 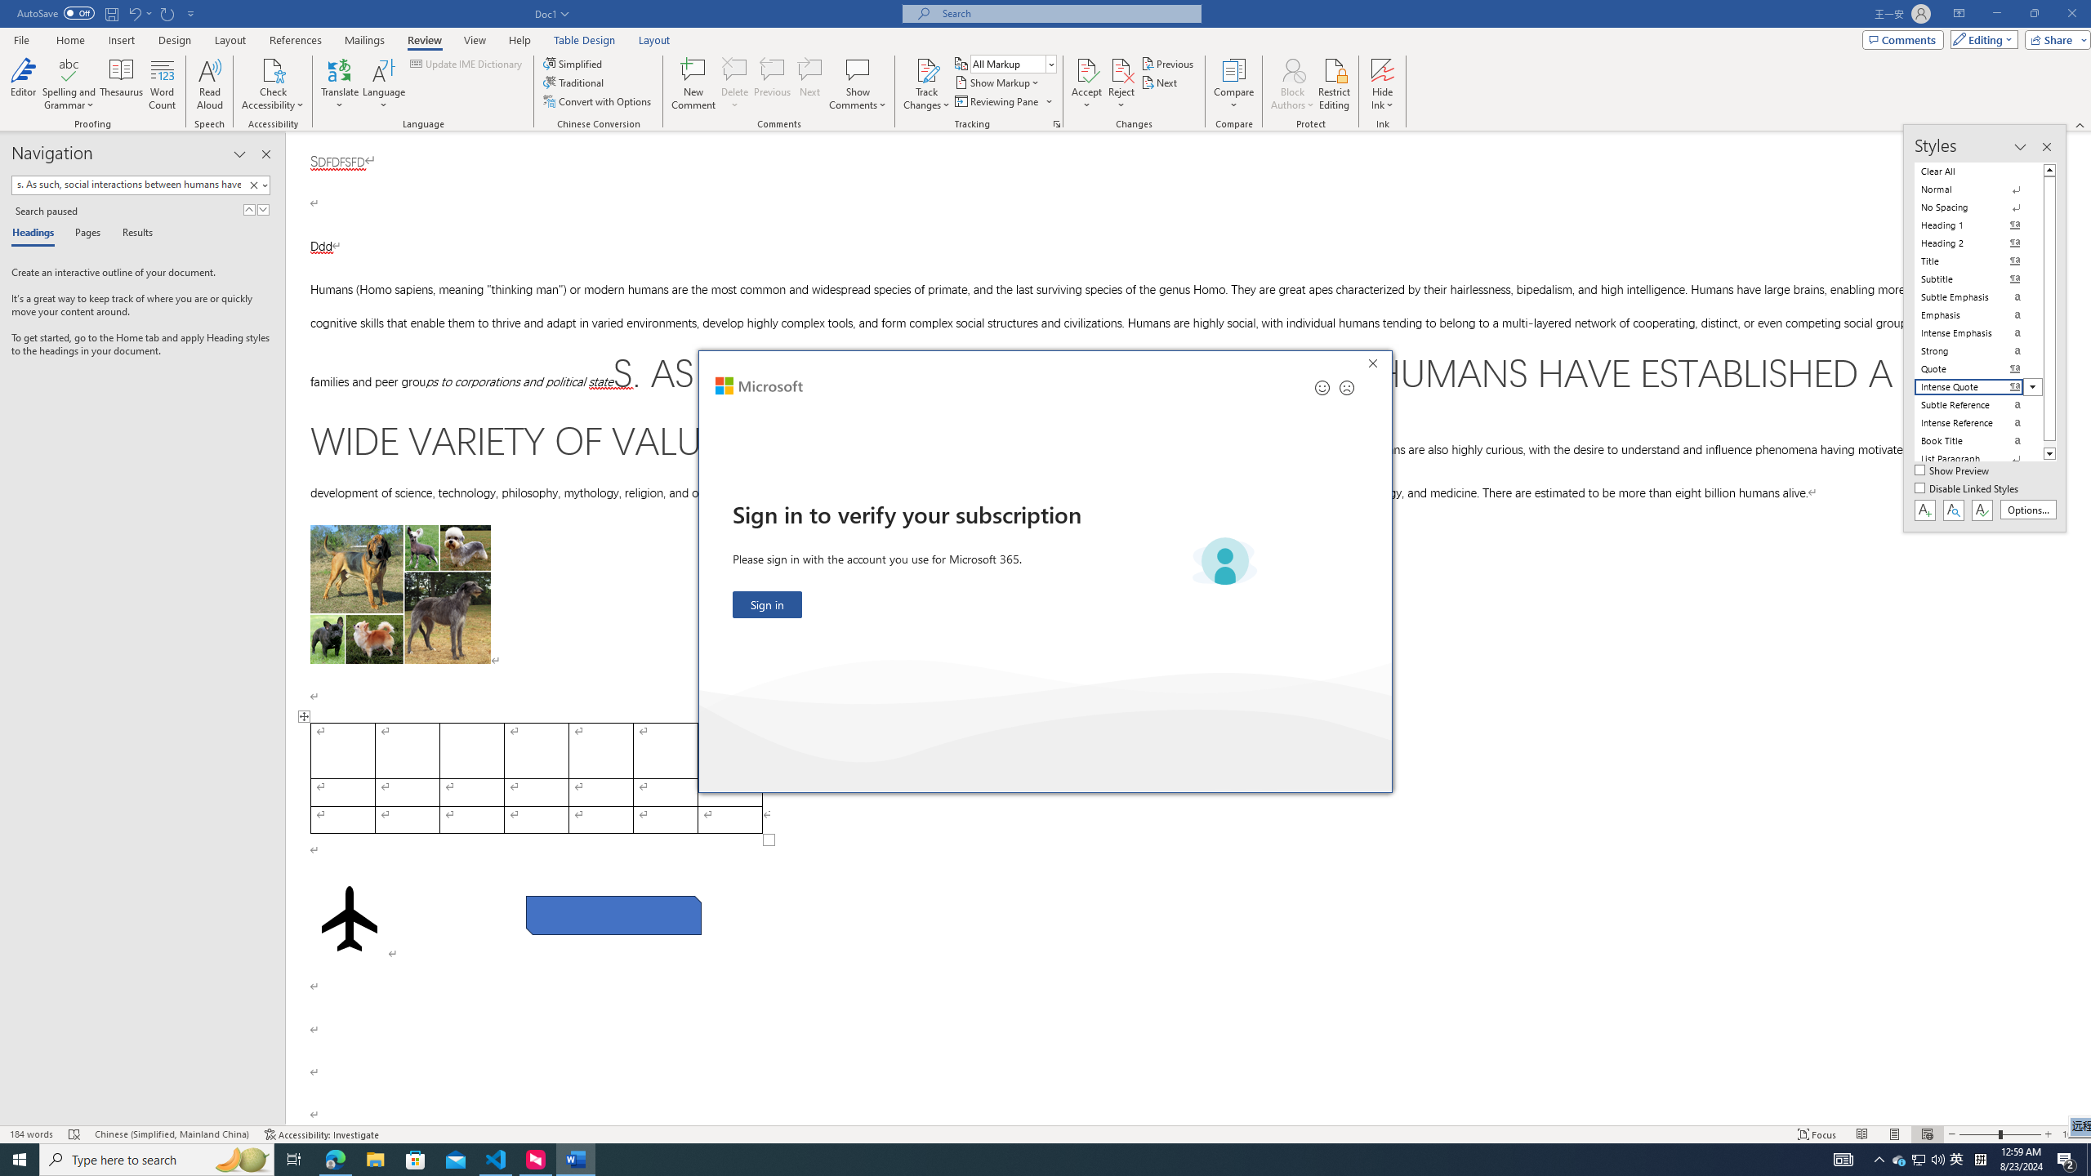 What do you see at coordinates (1978, 459) in the screenshot?
I see `'List Paragraph'` at bounding box center [1978, 459].